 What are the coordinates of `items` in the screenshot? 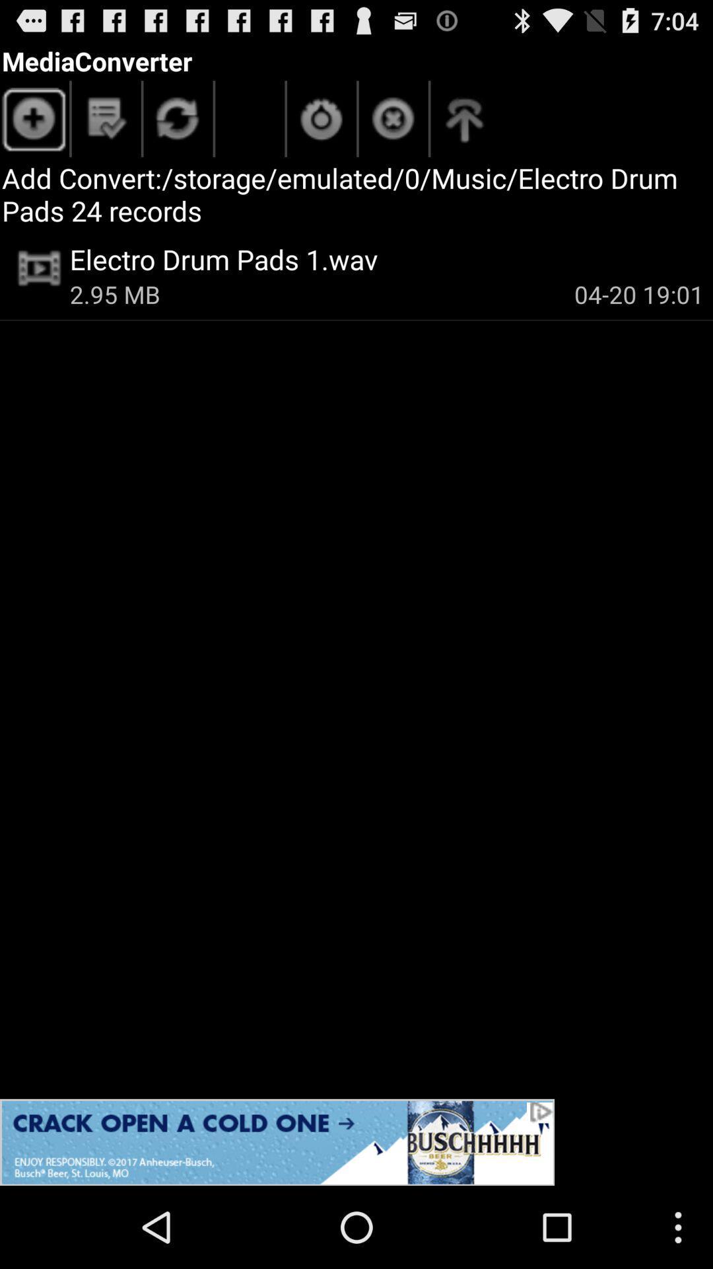 It's located at (34, 122).